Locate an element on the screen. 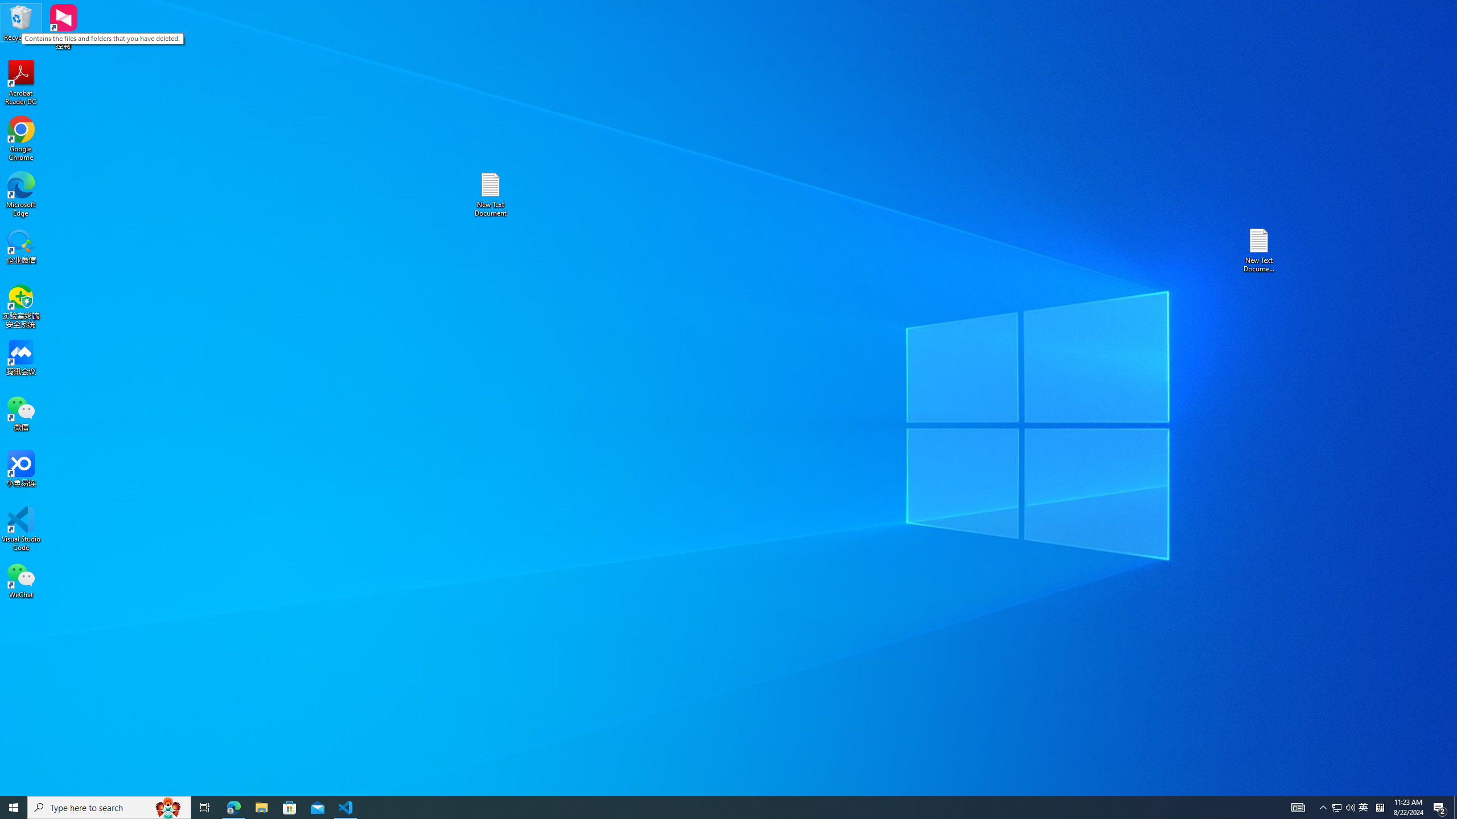  'Show desktop' is located at coordinates (1455, 806).